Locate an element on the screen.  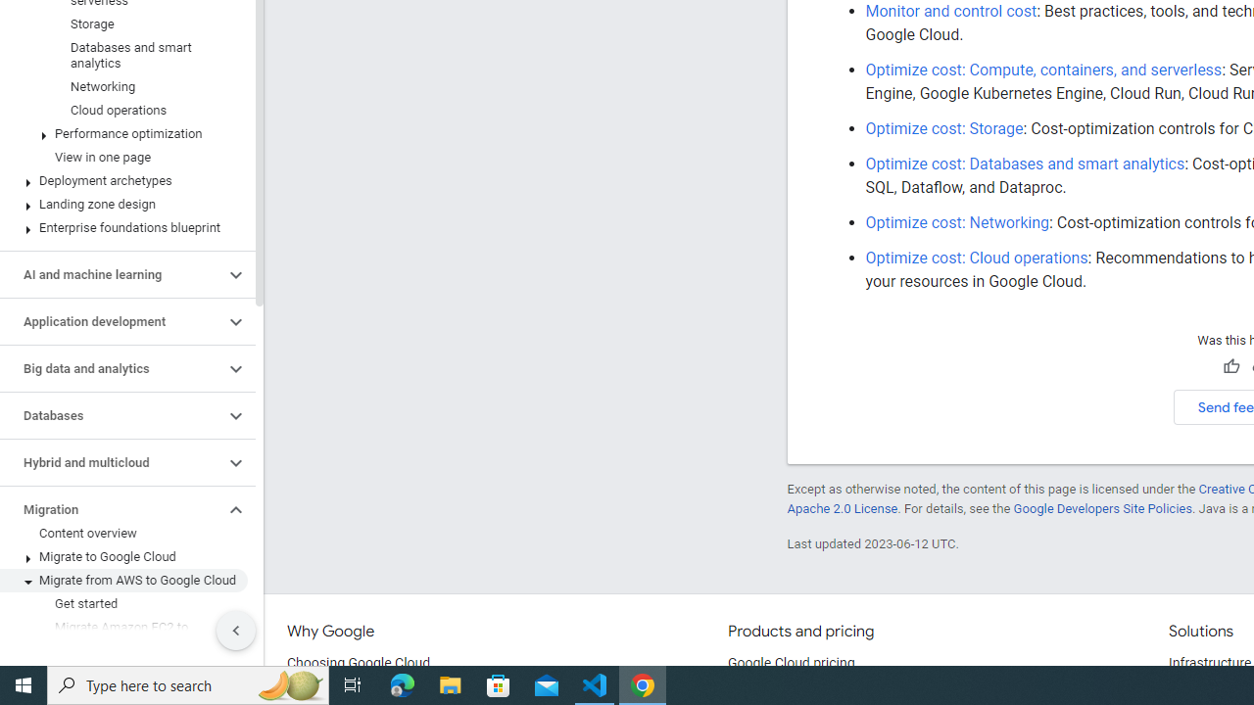
'Performance optimization' is located at coordinates (122, 133).